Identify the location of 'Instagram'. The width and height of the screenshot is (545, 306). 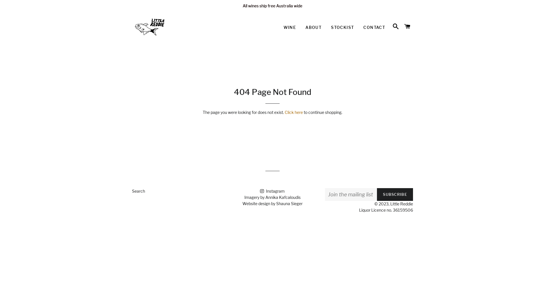
(272, 191).